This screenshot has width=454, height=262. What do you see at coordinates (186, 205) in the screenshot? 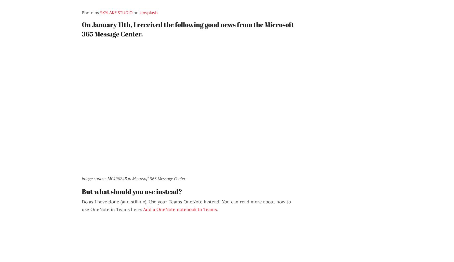
I see `'Do as I have done (and still do). Use your Teams OneNote instead! You can read more about how to use OneNote in Teams here:'` at bounding box center [186, 205].